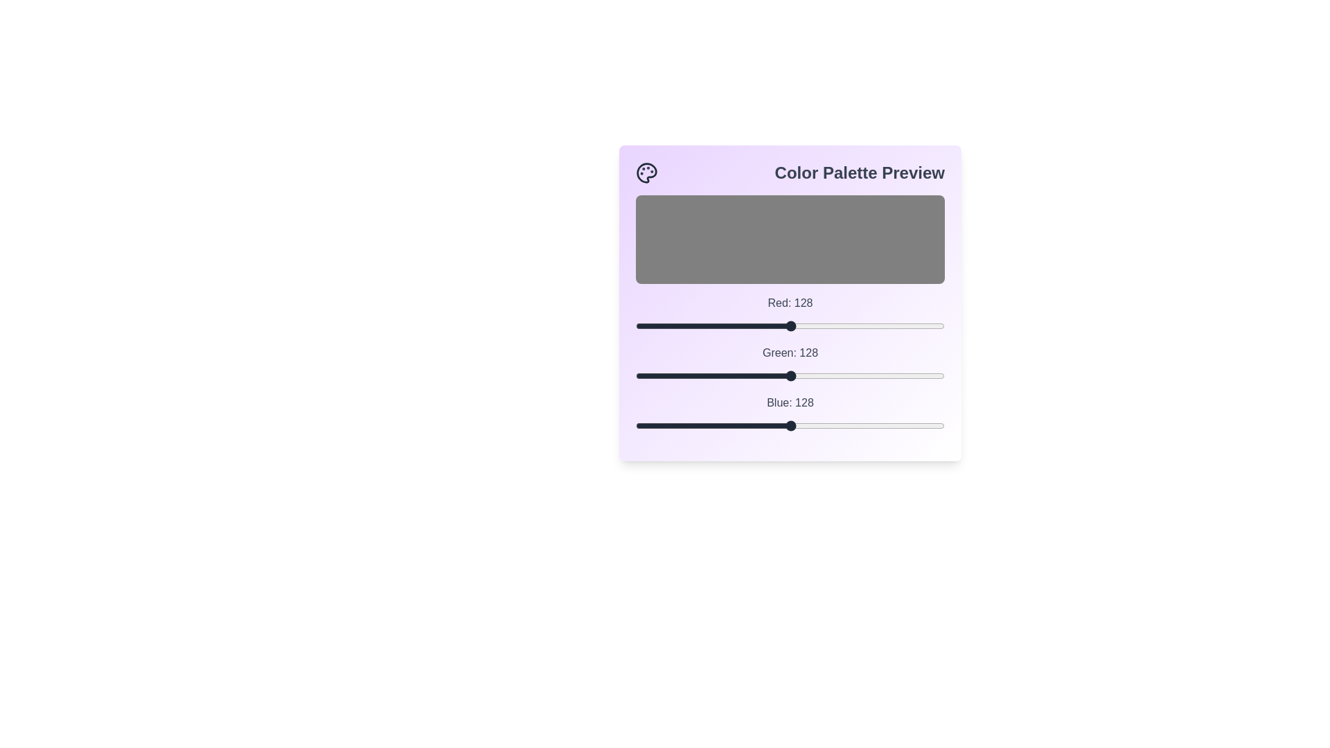 This screenshot has width=1330, height=748. I want to click on the blue color value, so click(786, 425).